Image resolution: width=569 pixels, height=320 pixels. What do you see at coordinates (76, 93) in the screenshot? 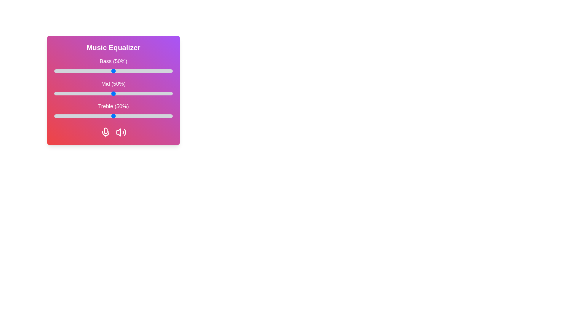
I see `the 1 slider to 19%` at bounding box center [76, 93].